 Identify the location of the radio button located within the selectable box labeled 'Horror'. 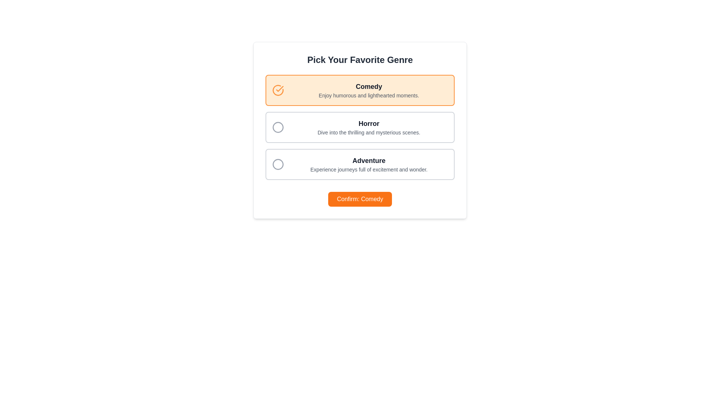
(281, 127).